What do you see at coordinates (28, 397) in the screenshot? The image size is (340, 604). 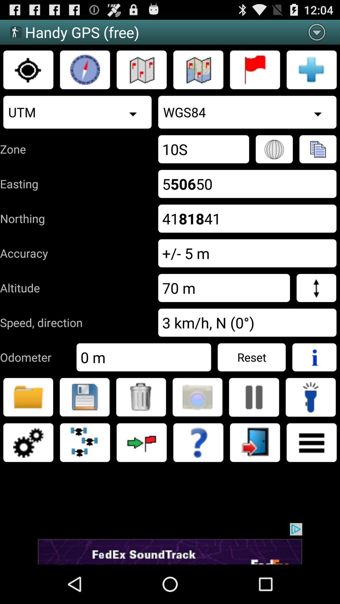 I see `store messenger` at bounding box center [28, 397].